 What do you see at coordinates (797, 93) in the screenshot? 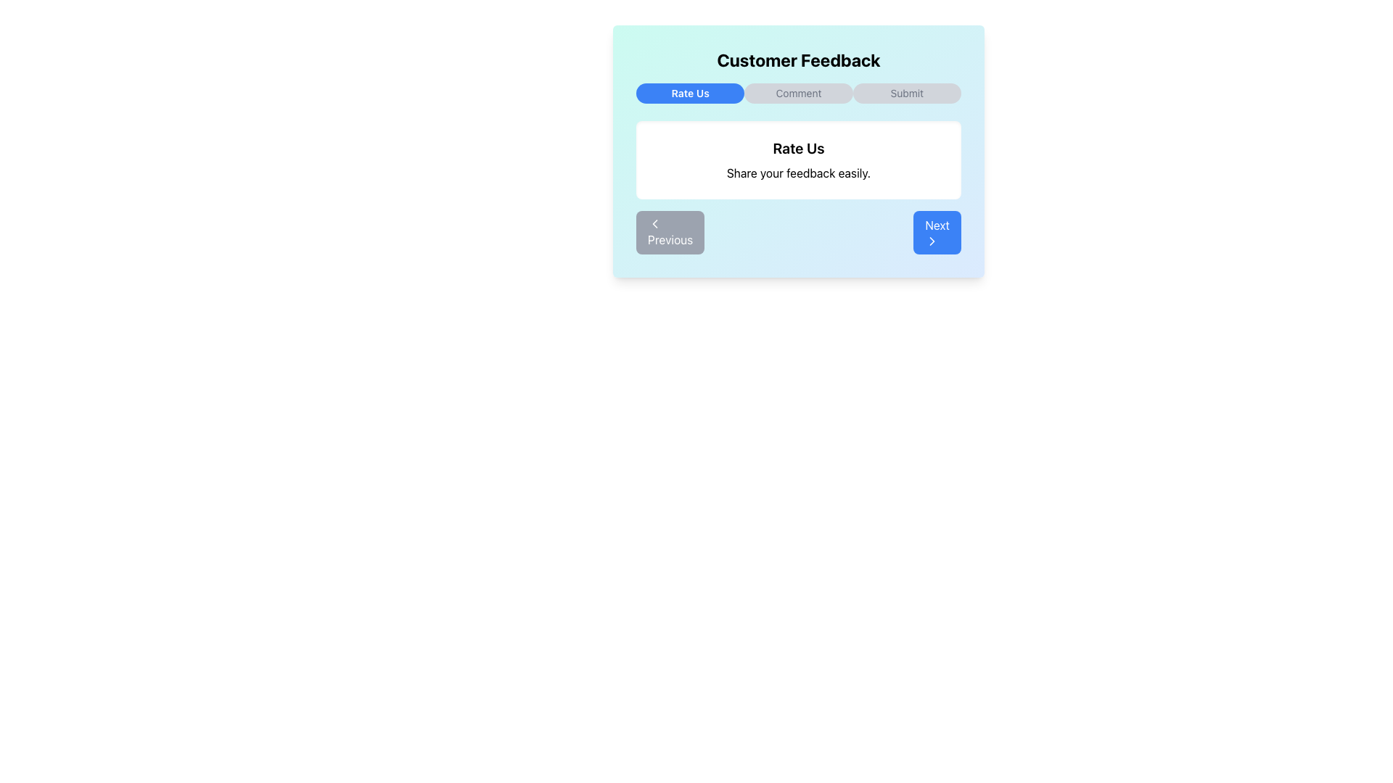
I see `the 'Comment' button` at bounding box center [797, 93].